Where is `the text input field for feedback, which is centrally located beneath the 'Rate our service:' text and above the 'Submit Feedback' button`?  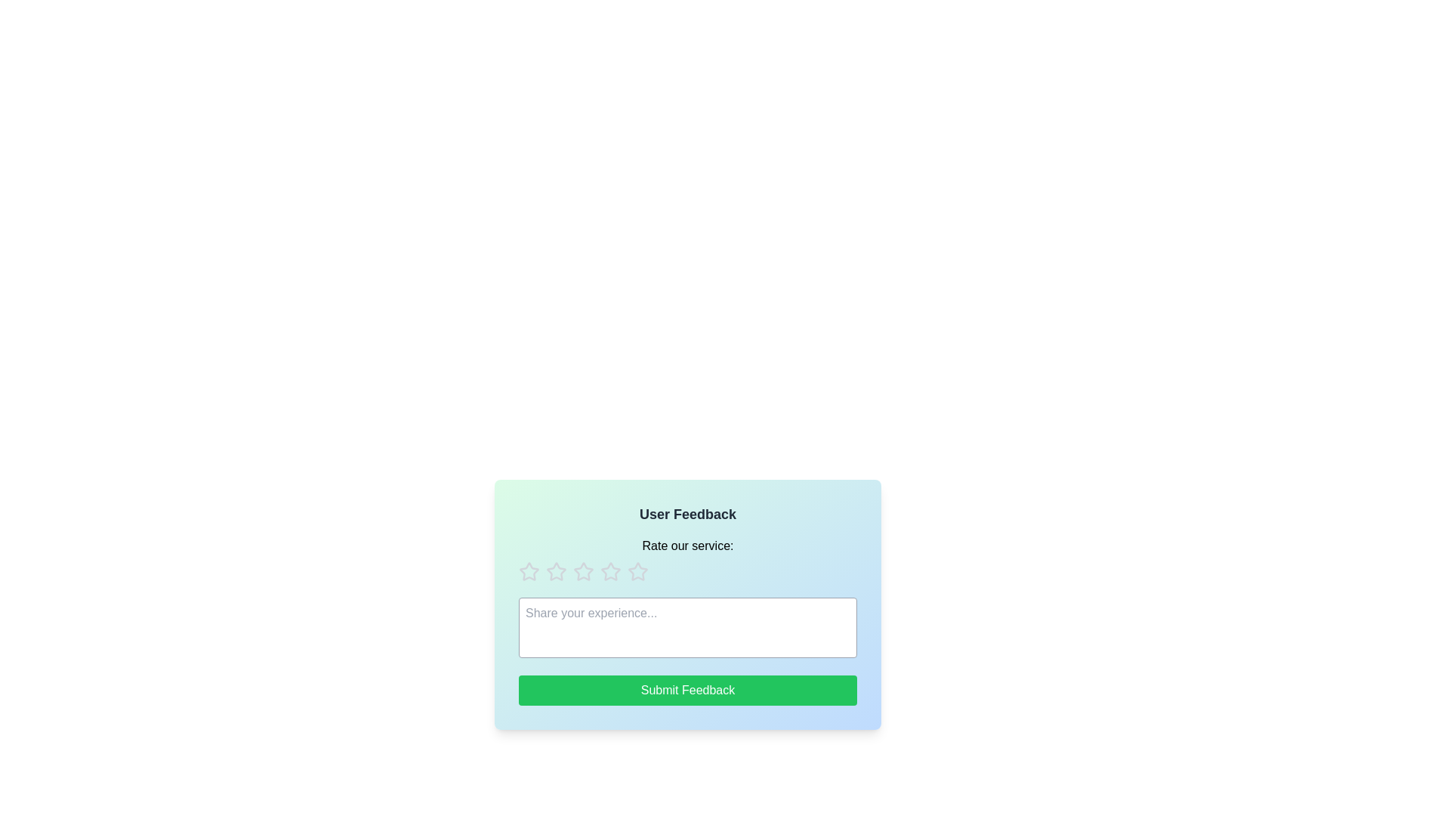 the text input field for feedback, which is centrally located beneath the 'Rate our service:' text and above the 'Submit Feedback' button is located at coordinates (687, 604).